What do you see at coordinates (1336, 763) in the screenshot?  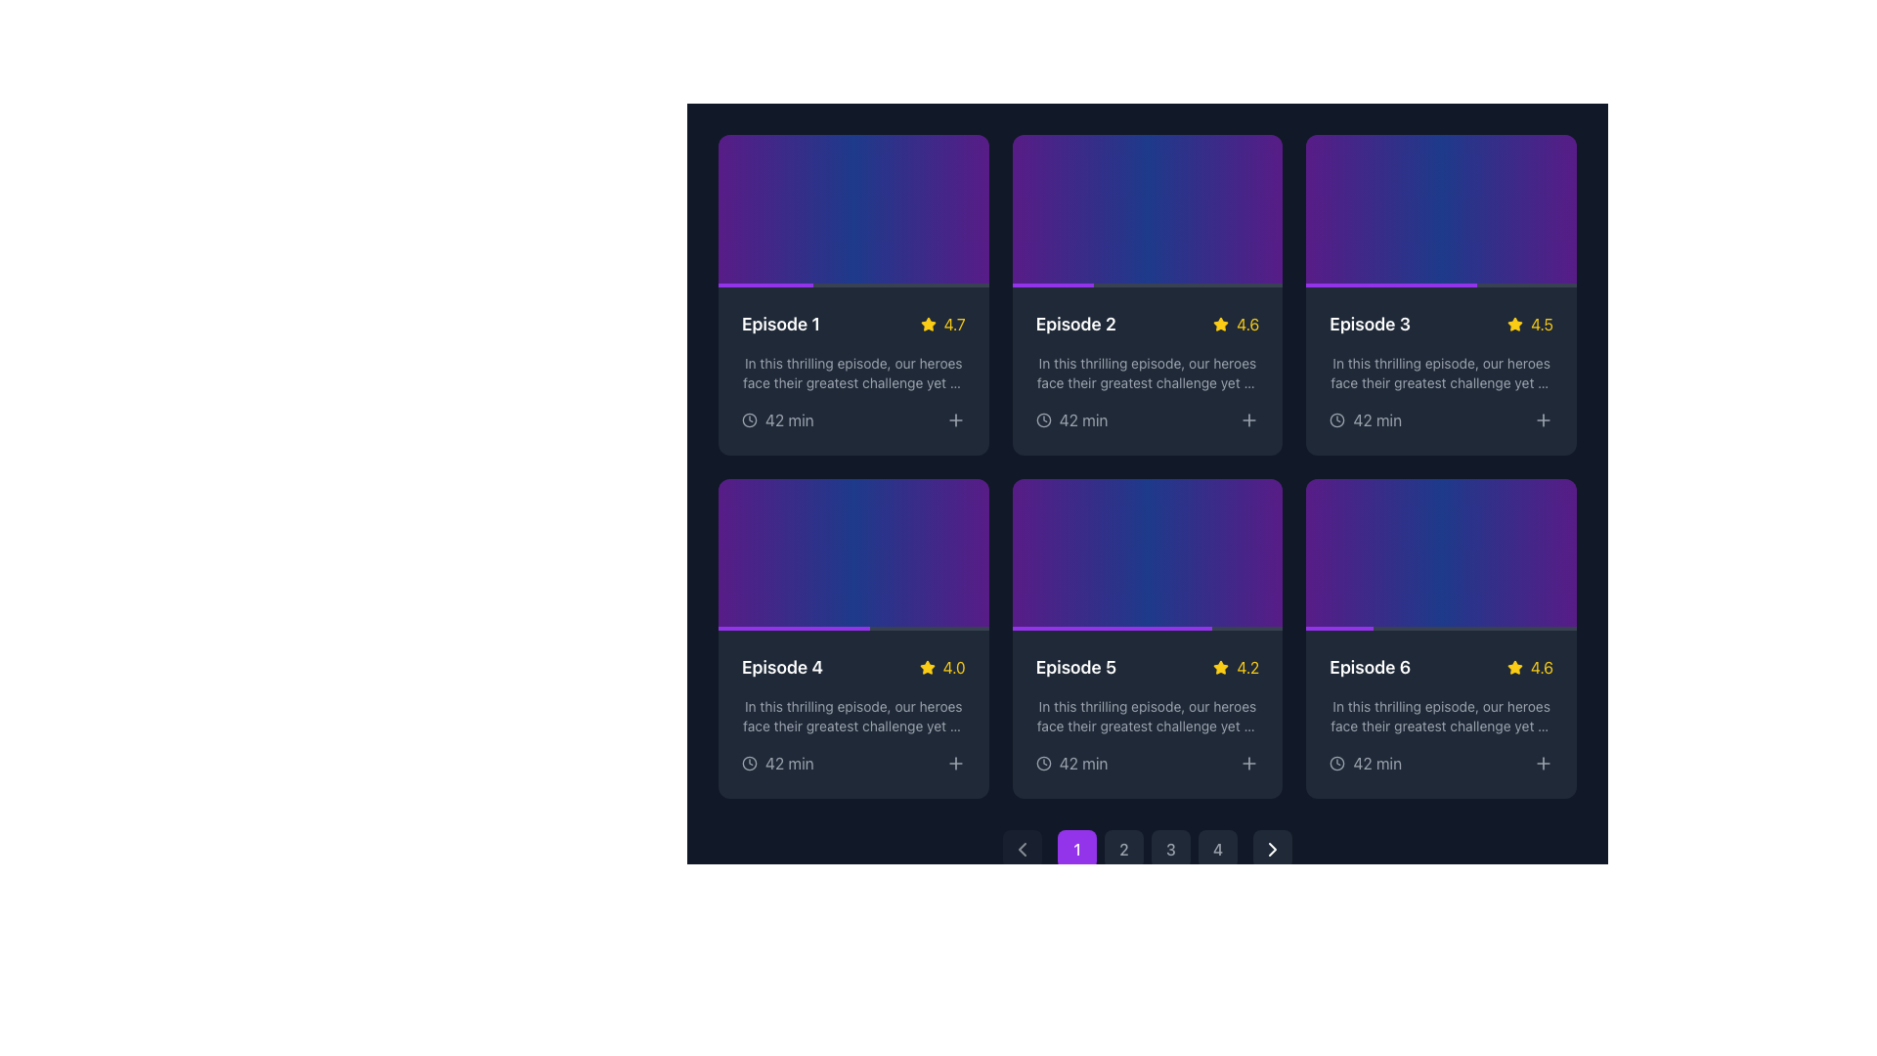 I see `the SVG Circle located within the clock icon on the card for 'Episode 6', positioned in the bottom-right corner of the grid layout` at bounding box center [1336, 763].